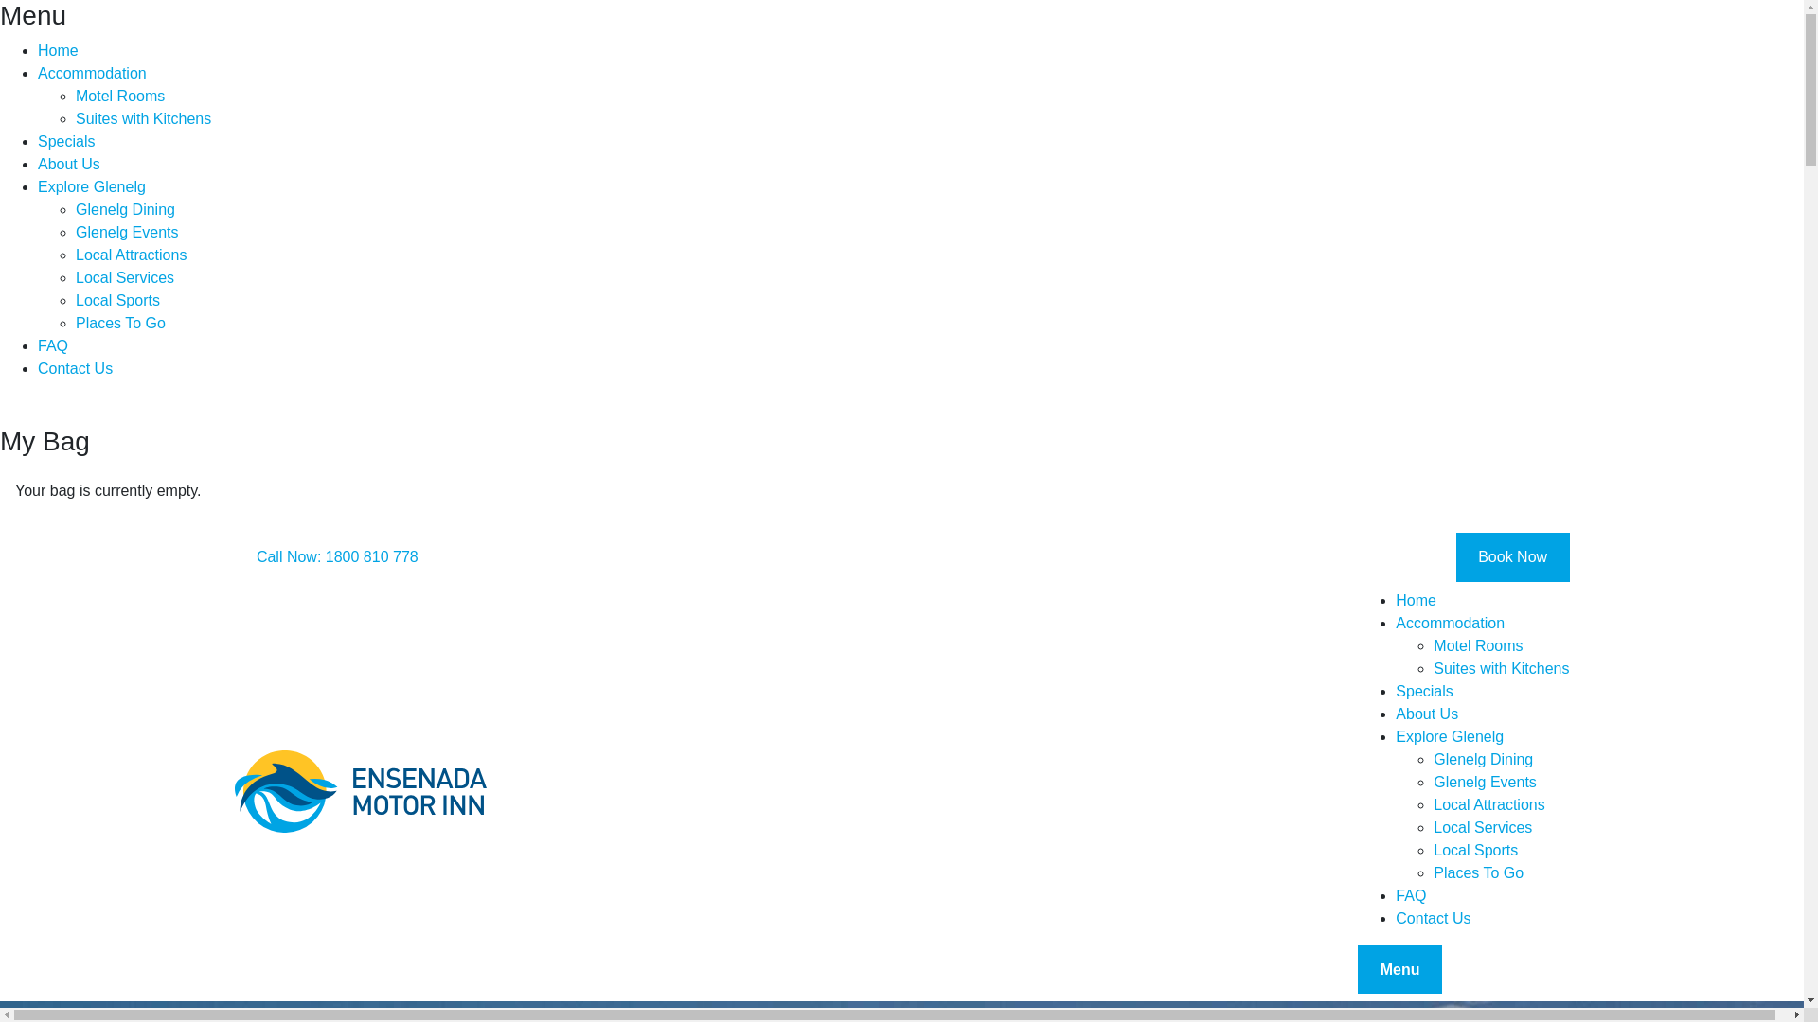 This screenshot has height=1022, width=1818. What do you see at coordinates (337, 556) in the screenshot?
I see `'Call Now: 1800 810 778'` at bounding box center [337, 556].